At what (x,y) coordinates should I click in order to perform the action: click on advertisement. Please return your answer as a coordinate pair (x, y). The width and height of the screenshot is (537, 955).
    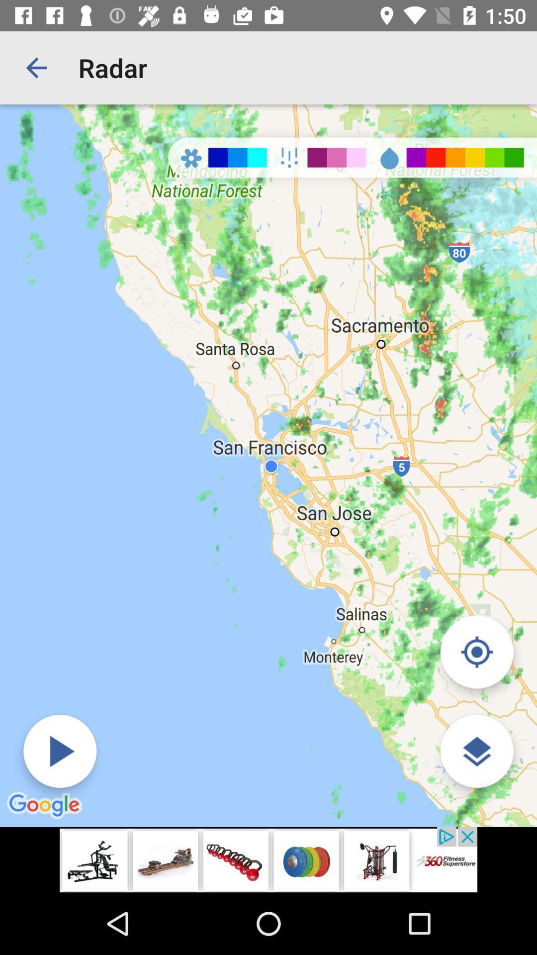
    Looking at the image, I should click on (268, 859).